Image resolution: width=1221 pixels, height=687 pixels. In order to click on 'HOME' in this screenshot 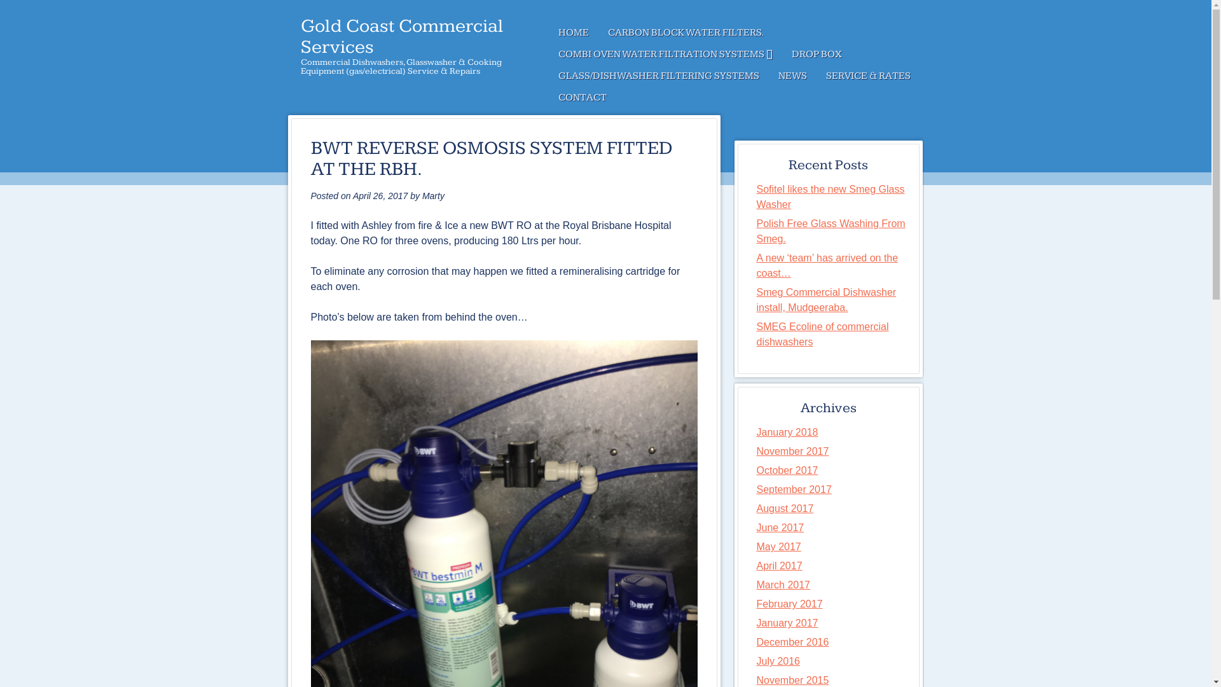, I will do `click(572, 32)`.